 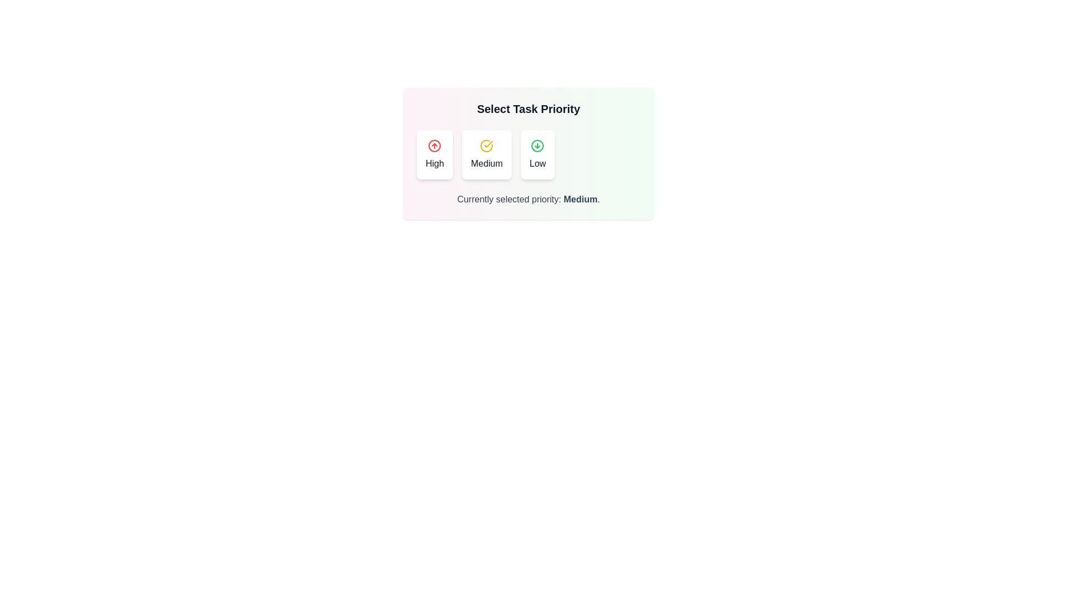 I want to click on the priority option labeled High to observe its hover effect, so click(x=434, y=155).